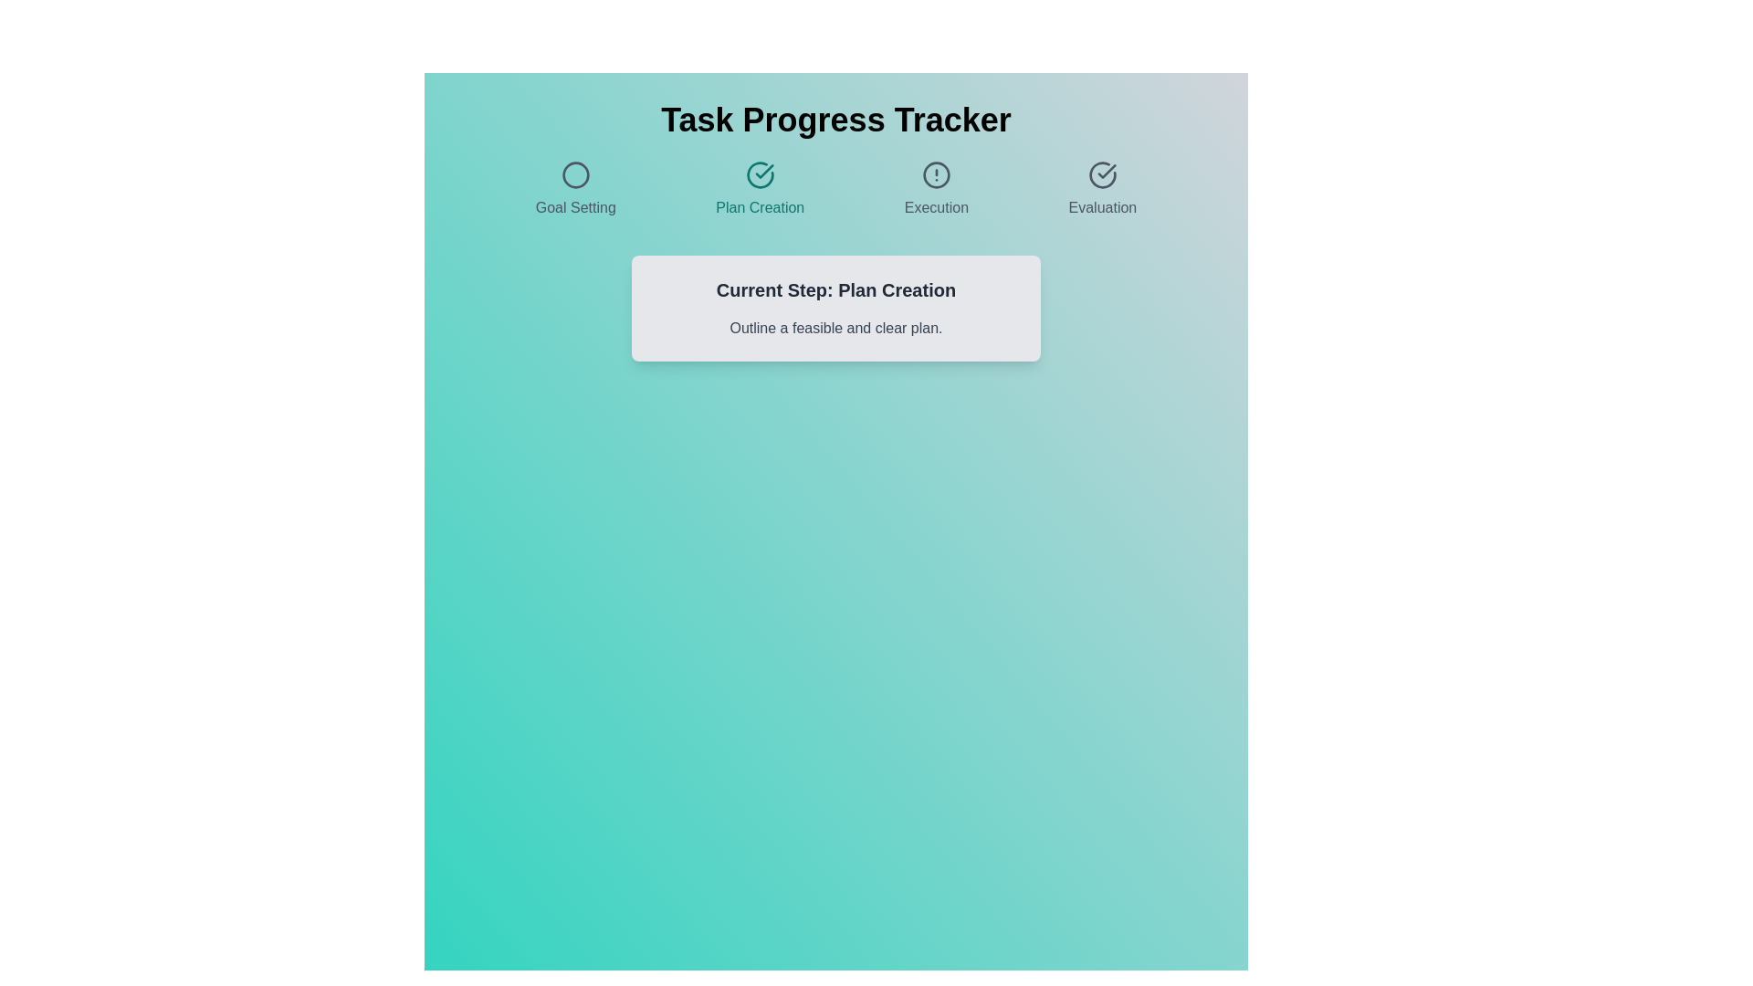 This screenshot has width=1753, height=986. What do you see at coordinates (760, 190) in the screenshot?
I see `the step title Plan Creation to navigate to the corresponding step` at bounding box center [760, 190].